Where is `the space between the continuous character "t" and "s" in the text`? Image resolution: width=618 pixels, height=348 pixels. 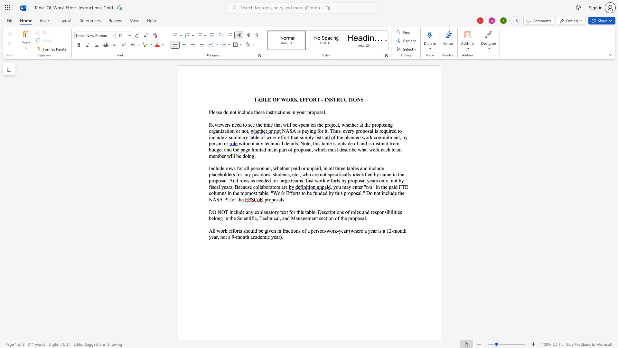
the space between the continuous character "t" and "s" in the text is located at coordinates (240, 230).